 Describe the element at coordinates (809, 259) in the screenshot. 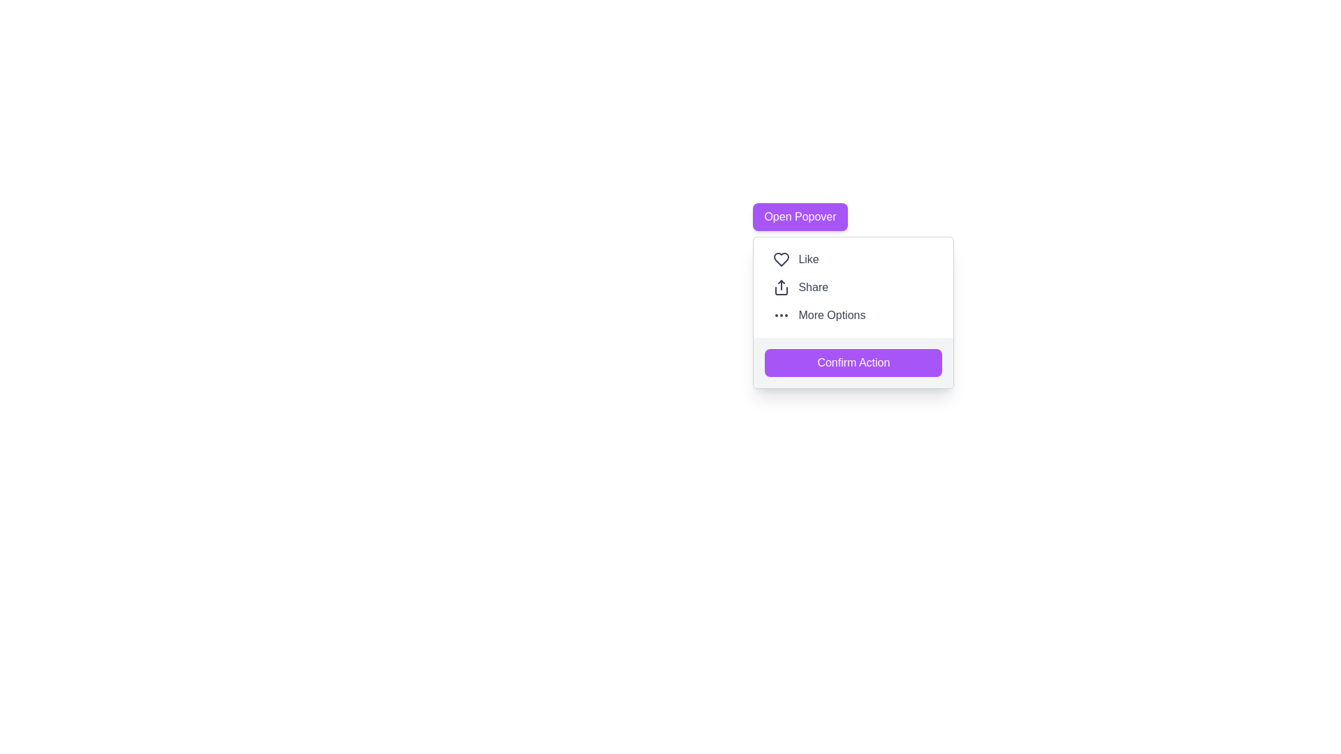

I see `the 'Like' label, which displays the text in gray next to a heart icon, located in the second row of the dropdown menu` at that location.